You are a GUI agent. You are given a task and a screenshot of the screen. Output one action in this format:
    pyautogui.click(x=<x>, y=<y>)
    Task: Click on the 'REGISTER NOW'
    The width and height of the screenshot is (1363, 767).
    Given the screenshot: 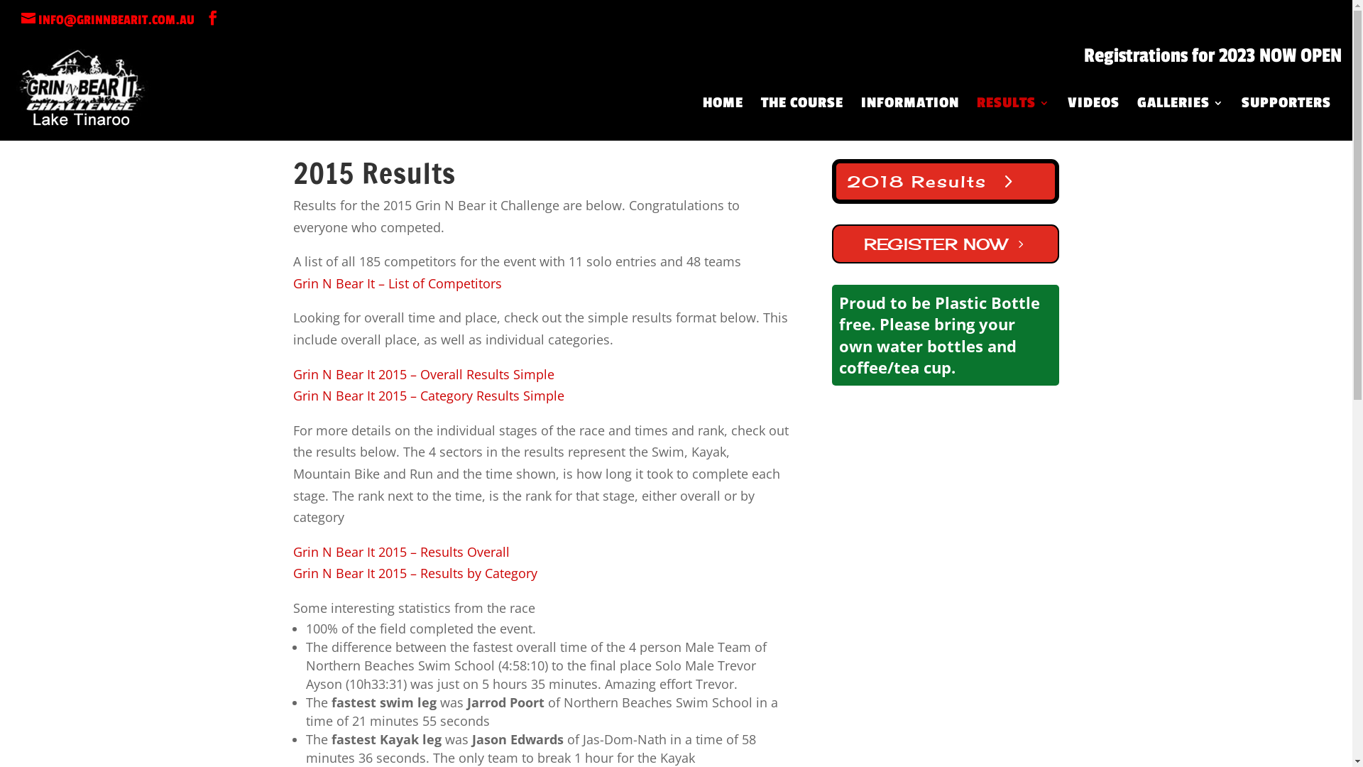 What is the action you would take?
    pyautogui.click(x=946, y=243)
    